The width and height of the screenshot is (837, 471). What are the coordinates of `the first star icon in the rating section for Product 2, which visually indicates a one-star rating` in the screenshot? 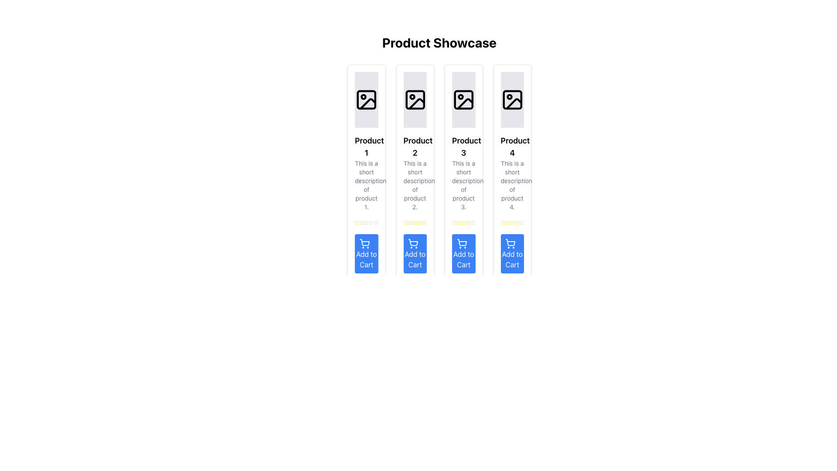 It's located at (419, 222).